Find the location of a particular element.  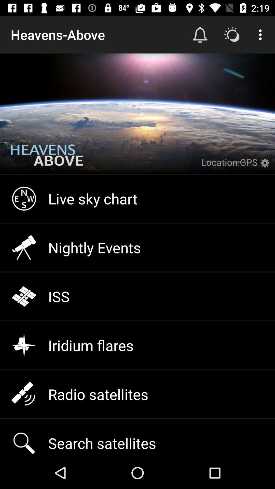

the icon next to the location:gps is located at coordinates (266, 166).